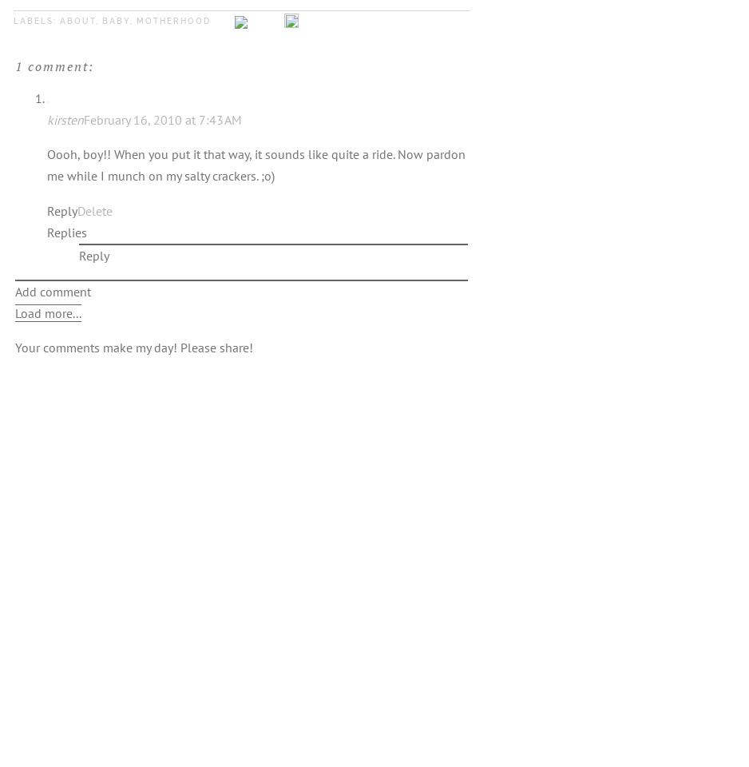 This screenshot has width=749, height=767. Describe the element at coordinates (65, 117) in the screenshot. I see `'kirsten'` at that location.